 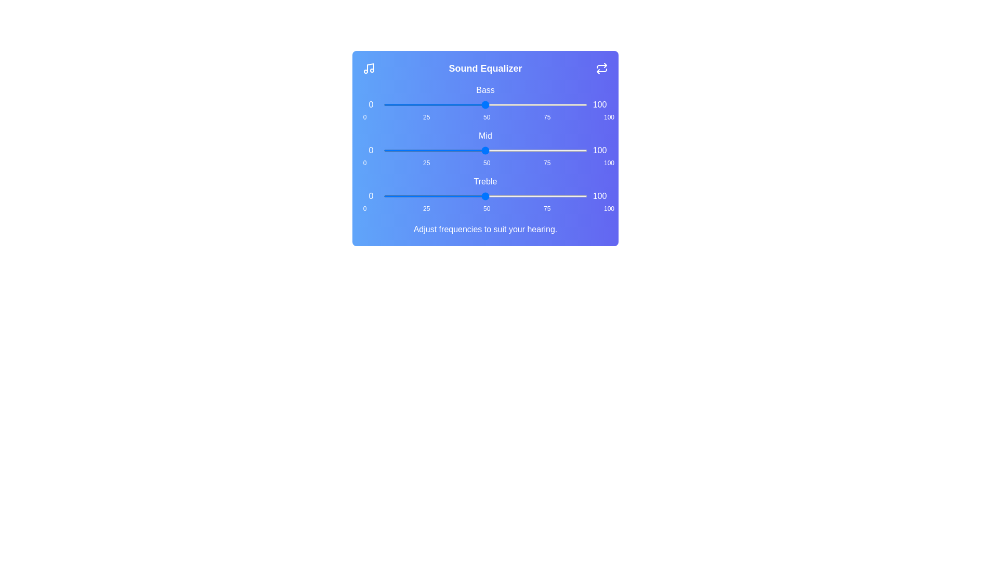 I want to click on the 'mid' slider to 89, so click(x=564, y=150).